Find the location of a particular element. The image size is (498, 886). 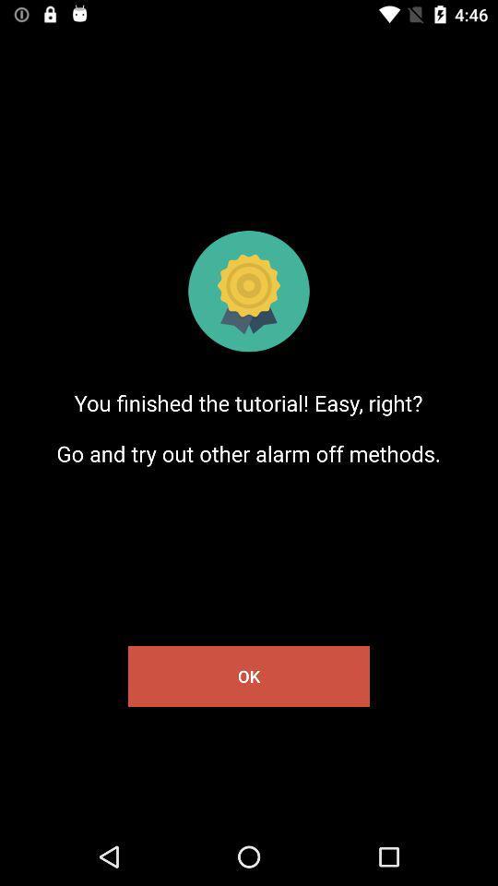

ok item is located at coordinates (249, 675).